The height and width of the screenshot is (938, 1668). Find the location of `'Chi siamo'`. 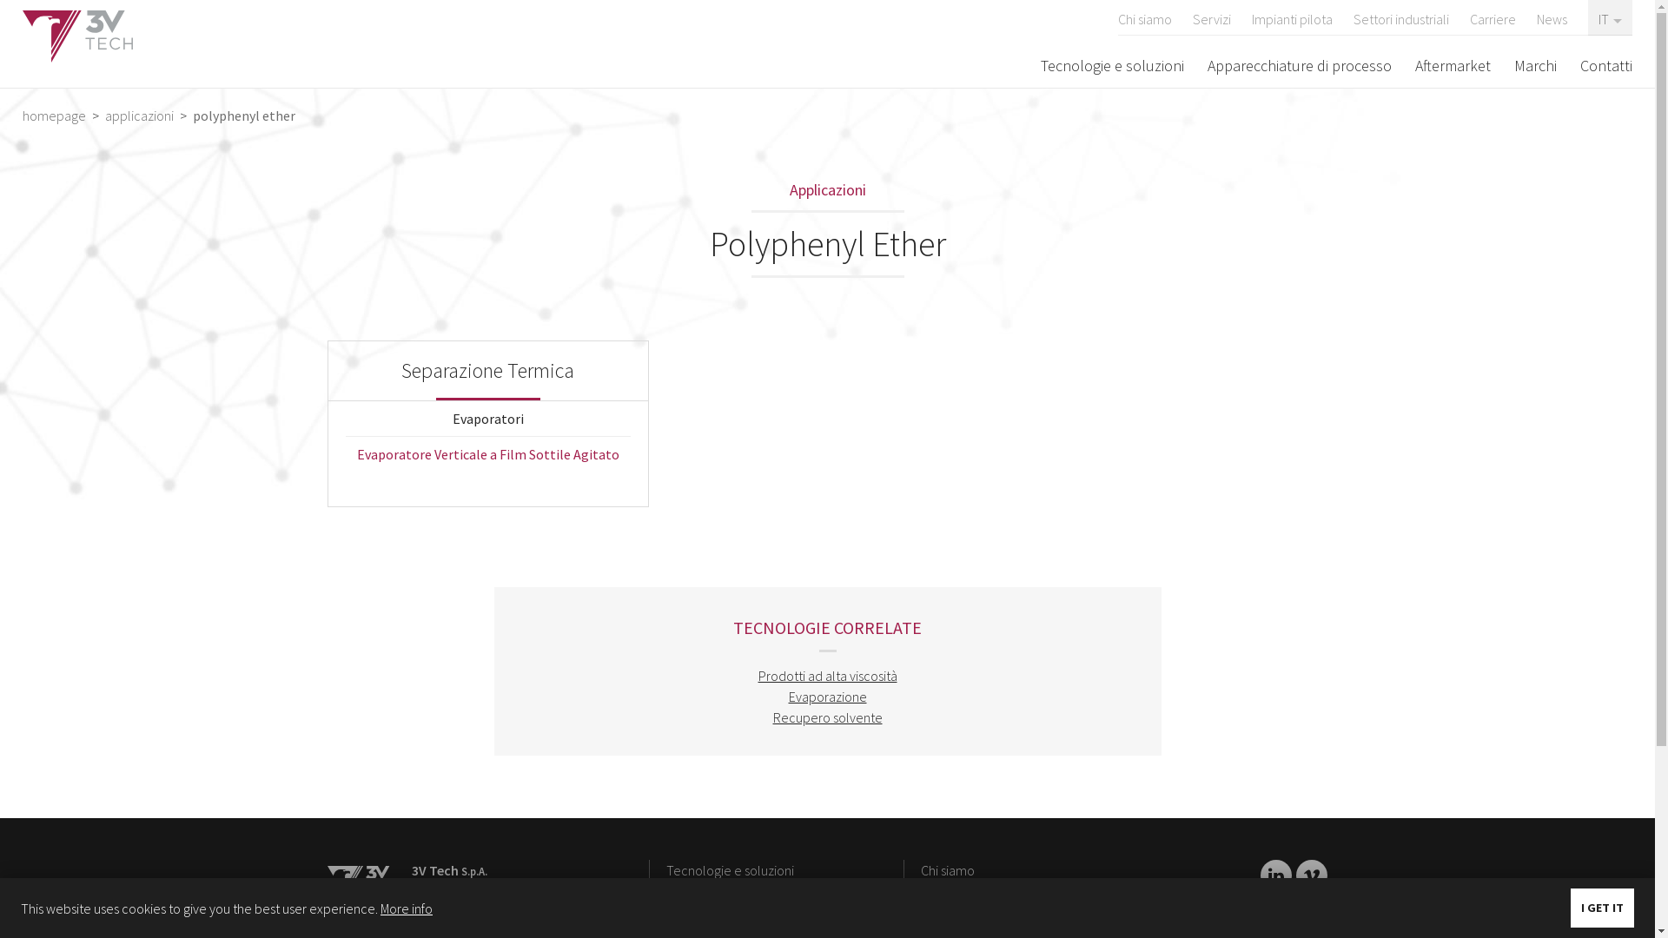

'Chi siamo' is located at coordinates (946, 870).